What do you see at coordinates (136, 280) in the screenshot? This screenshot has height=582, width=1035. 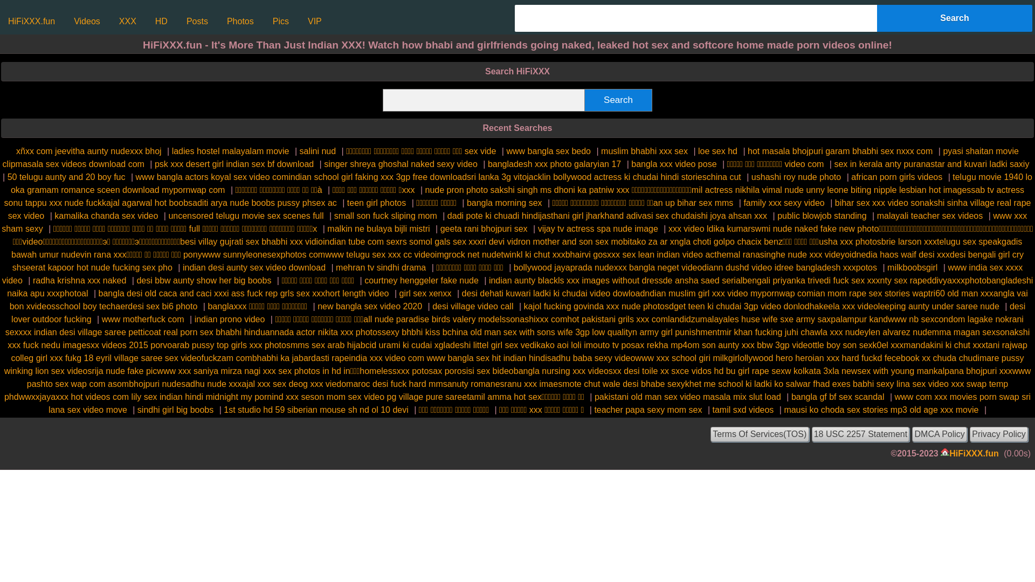 I see `'desi bbw aunty show her big boobs'` at bounding box center [136, 280].